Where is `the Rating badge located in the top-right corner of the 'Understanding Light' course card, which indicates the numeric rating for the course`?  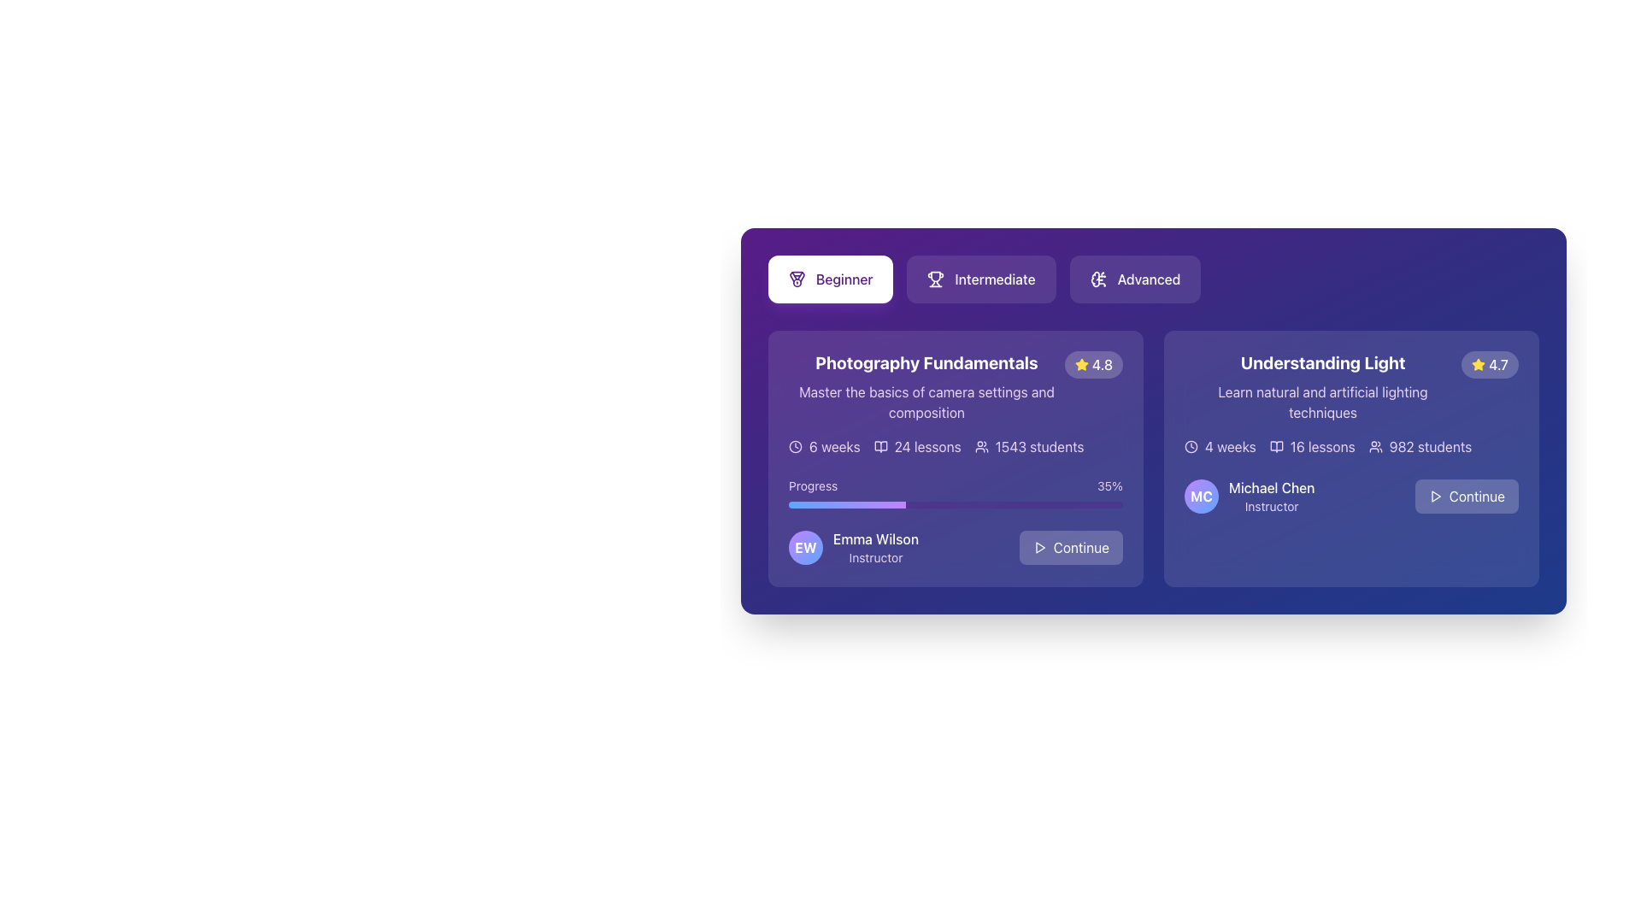
the Rating badge located in the top-right corner of the 'Understanding Light' course card, which indicates the numeric rating for the course is located at coordinates (1489, 364).